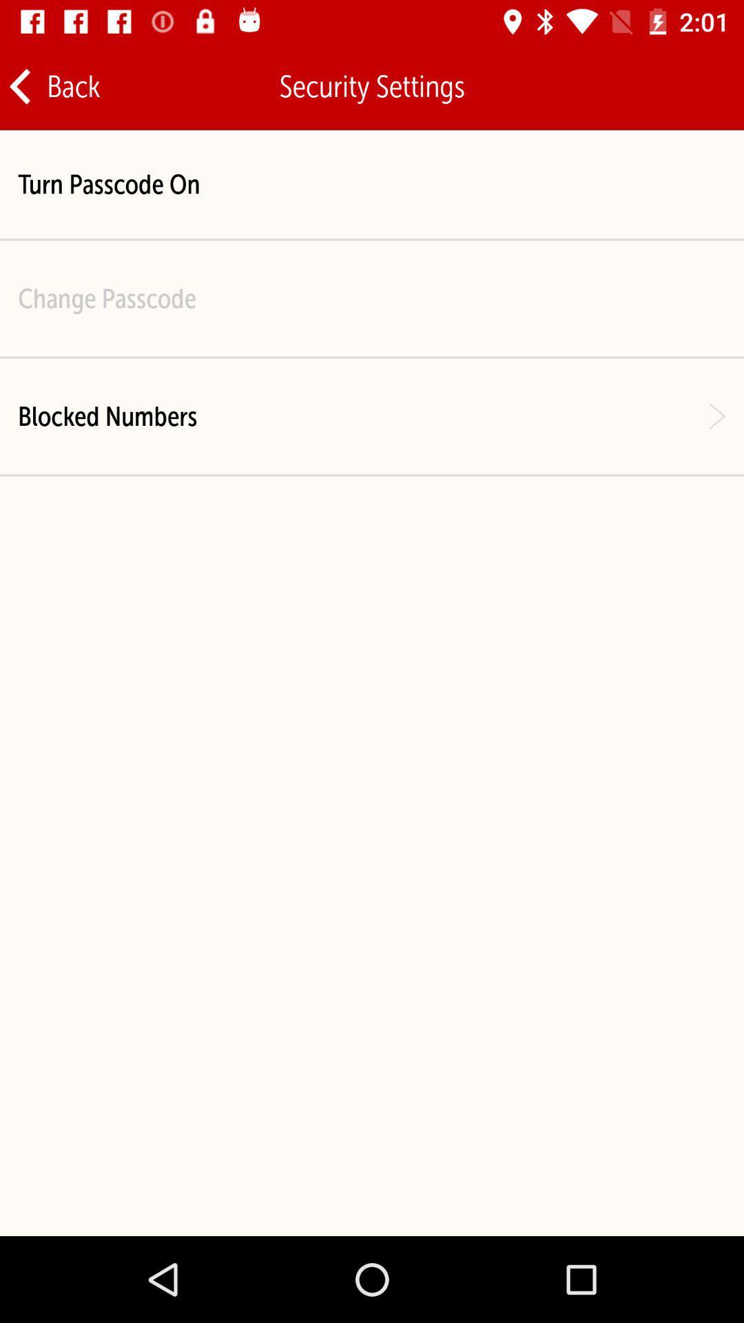 The width and height of the screenshot is (744, 1323). I want to click on icon below the turn passcode on item, so click(106, 298).